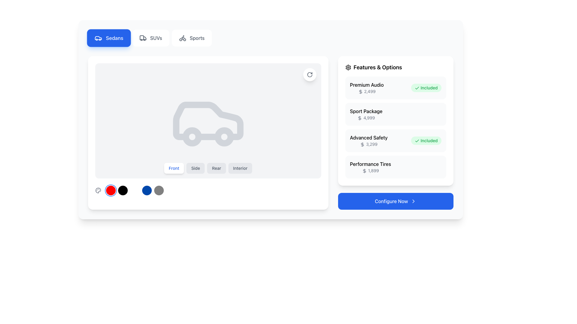  I want to click on the right arrow icon located at the rightmost edge of the 'Configure Now' button to proceed with the action, so click(413, 201).